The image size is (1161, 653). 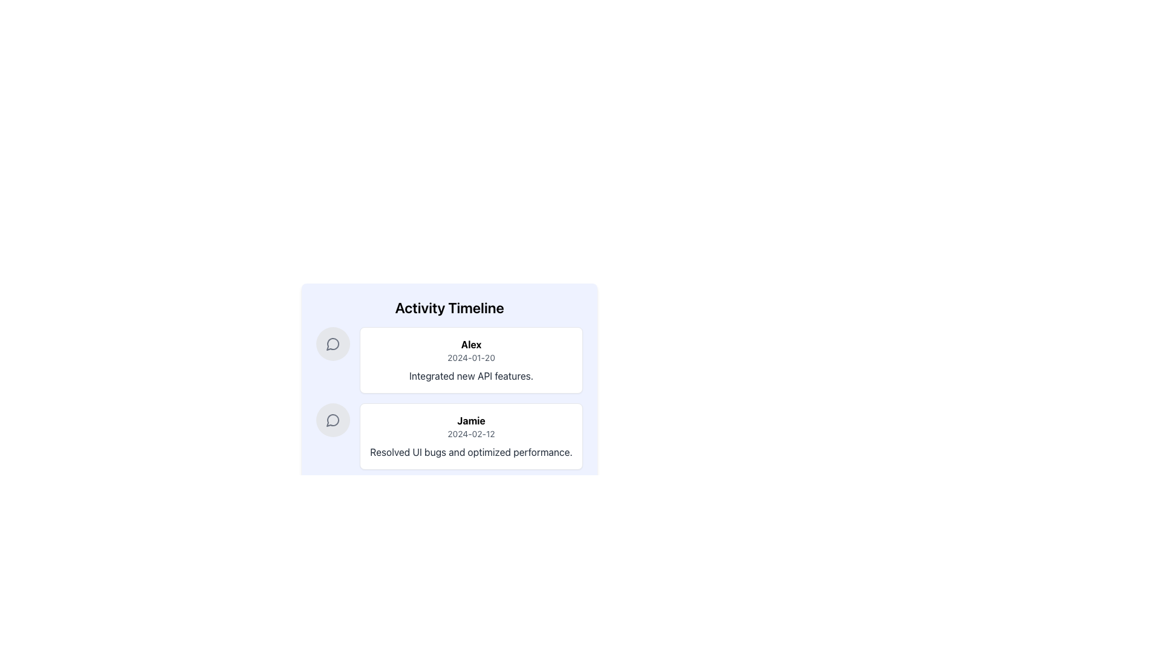 What do you see at coordinates (470, 436) in the screenshot?
I see `the second Information Card in the Activity Timeline section` at bounding box center [470, 436].